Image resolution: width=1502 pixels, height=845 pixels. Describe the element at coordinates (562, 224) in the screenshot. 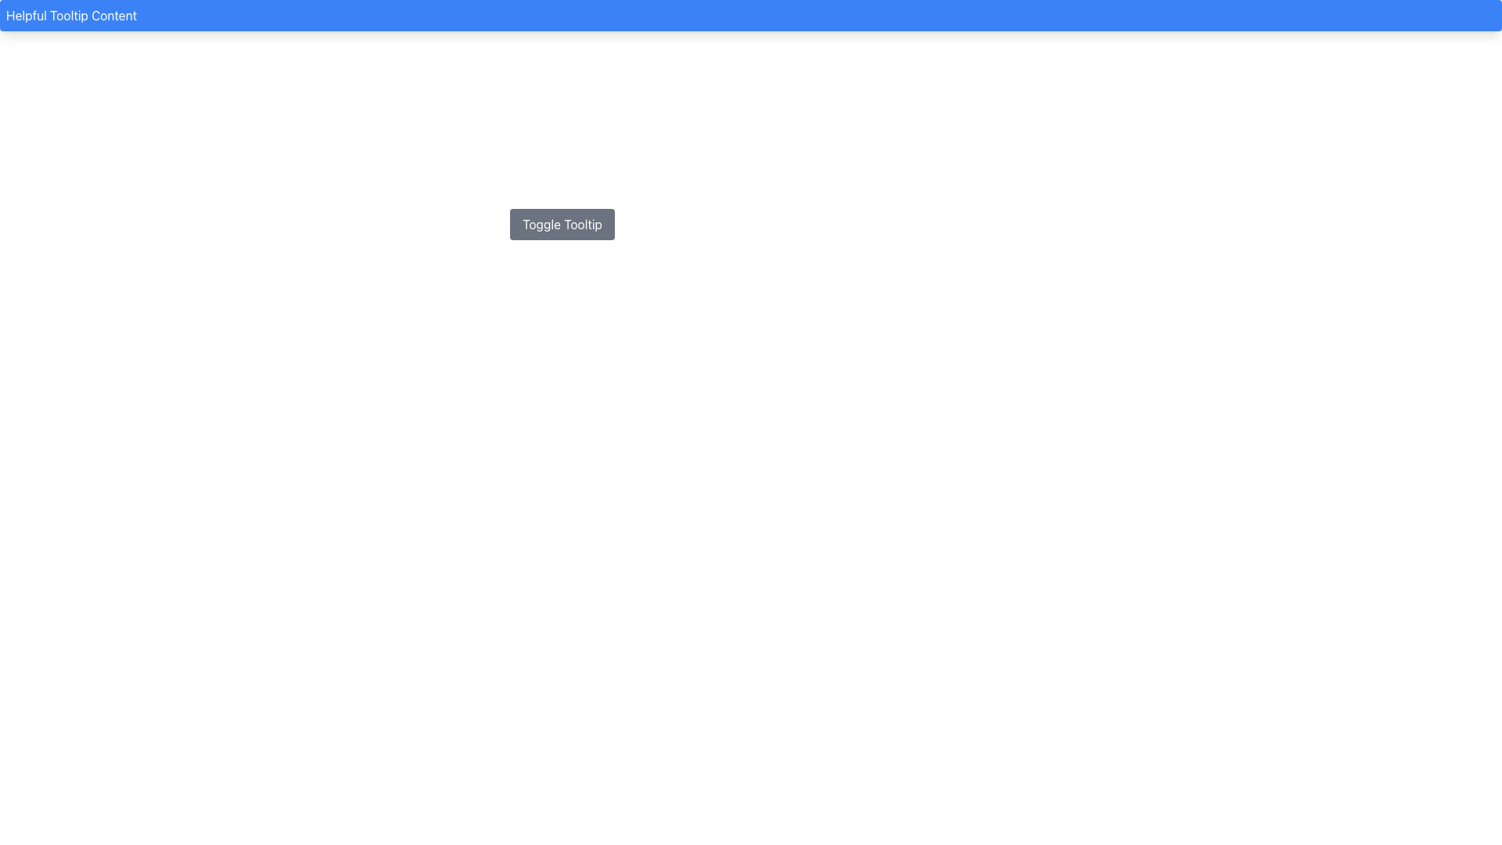

I see `the 'Toggle Tooltip' button with a gray background and white text` at that location.